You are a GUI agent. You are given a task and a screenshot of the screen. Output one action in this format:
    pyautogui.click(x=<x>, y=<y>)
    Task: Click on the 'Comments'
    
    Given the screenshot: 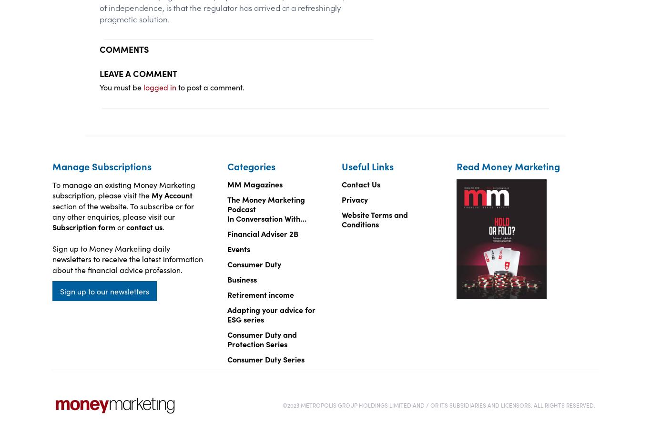 What is the action you would take?
    pyautogui.click(x=124, y=49)
    